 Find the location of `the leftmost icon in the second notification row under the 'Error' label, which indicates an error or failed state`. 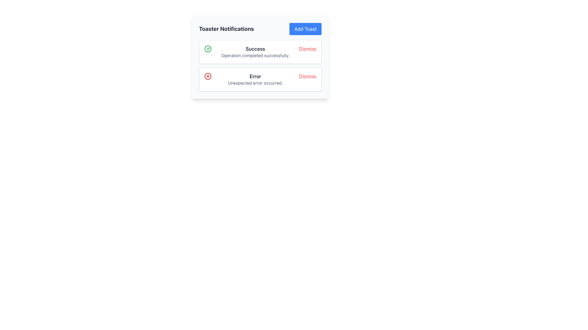

the leftmost icon in the second notification row under the 'Error' label, which indicates an error or failed state is located at coordinates (208, 76).